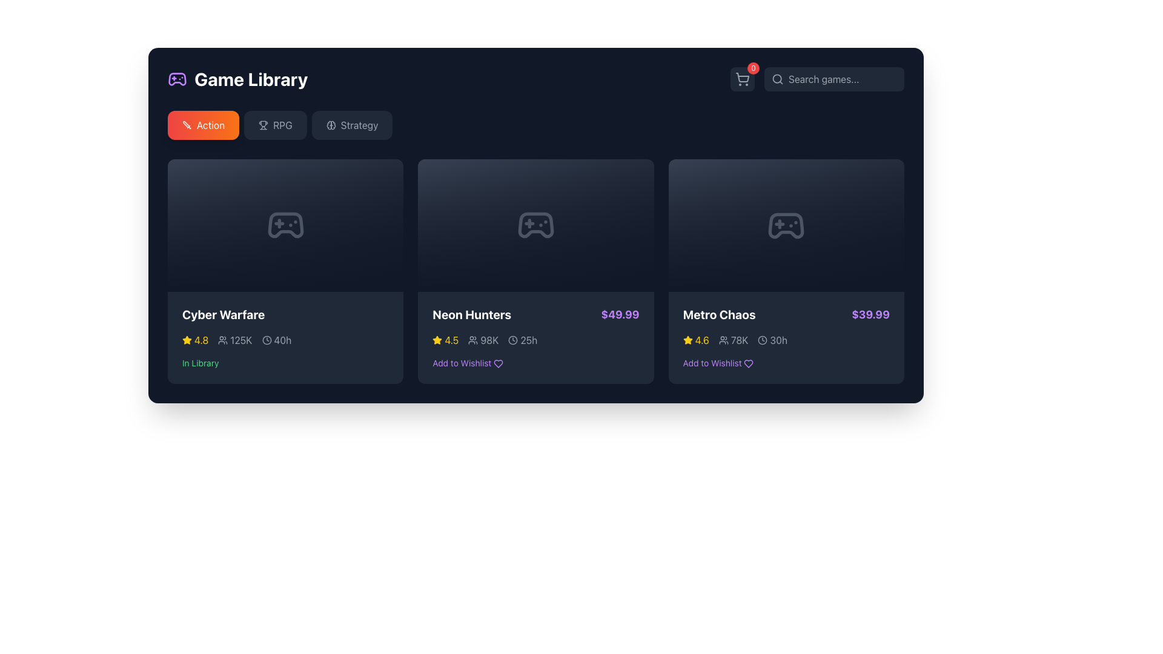 The width and height of the screenshot is (1163, 654). What do you see at coordinates (786, 340) in the screenshot?
I see `the Information display group for the game 'Metro Chaos', which contains a yellow star symbol, a gray person icon, and a gray clock icon, located in the bottom-right corner of the game card` at bounding box center [786, 340].